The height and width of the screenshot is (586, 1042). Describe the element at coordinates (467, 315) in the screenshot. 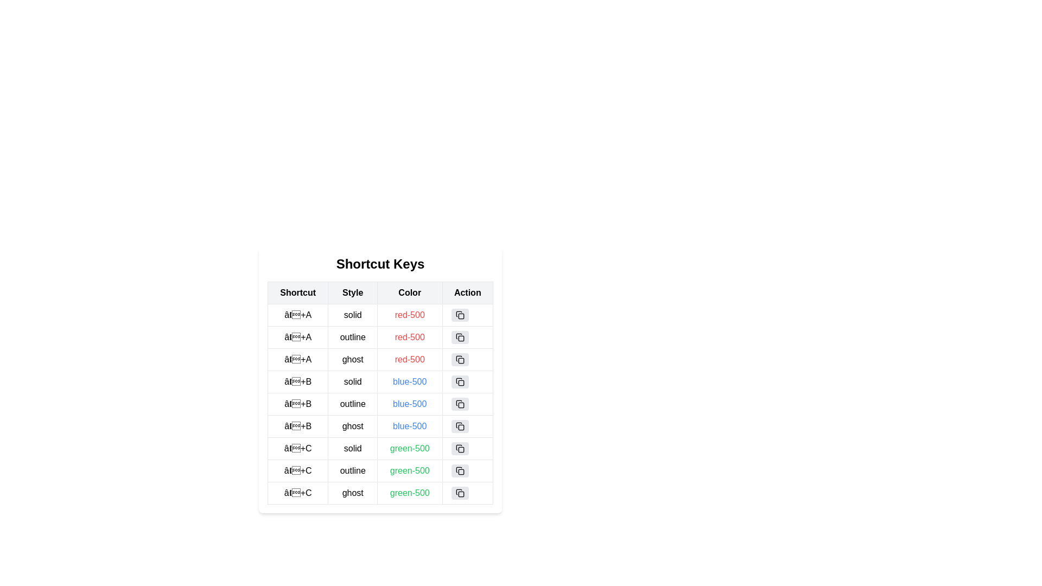

I see `the empty Table Cell in the 'Action' column of the 'Shortcut Keys' table, which is the fourth cell in the row containing '⌘+A', 'solid', and 'red-500'` at that location.